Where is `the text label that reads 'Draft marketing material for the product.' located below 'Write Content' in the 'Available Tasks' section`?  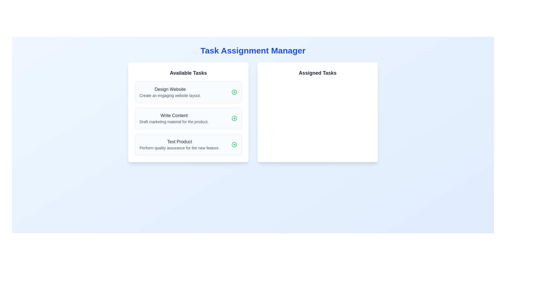 the text label that reads 'Draft marketing material for the product.' located below 'Write Content' in the 'Available Tasks' section is located at coordinates (174, 121).